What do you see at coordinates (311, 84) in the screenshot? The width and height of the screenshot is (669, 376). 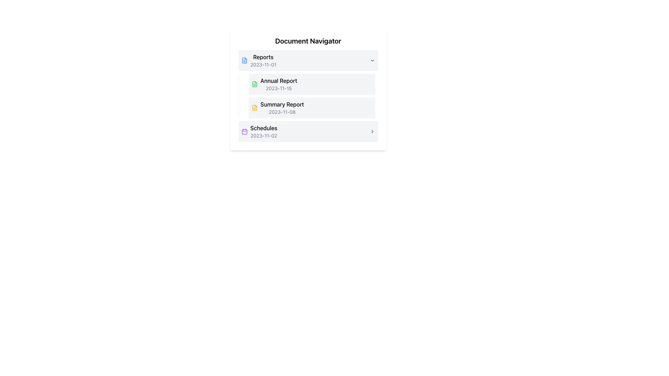 I see `the list item titled 'Annual Report'` at bounding box center [311, 84].